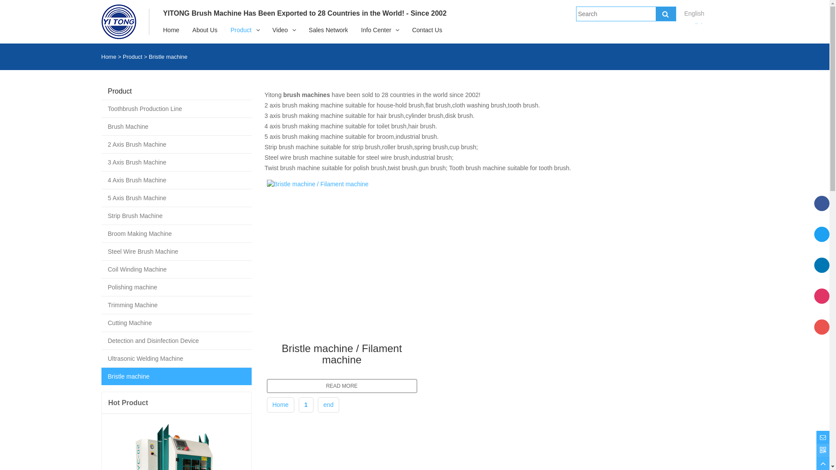 The width and height of the screenshot is (836, 470). What do you see at coordinates (101, 359) in the screenshot?
I see `'Ultrasonic Welding Machine'` at bounding box center [101, 359].